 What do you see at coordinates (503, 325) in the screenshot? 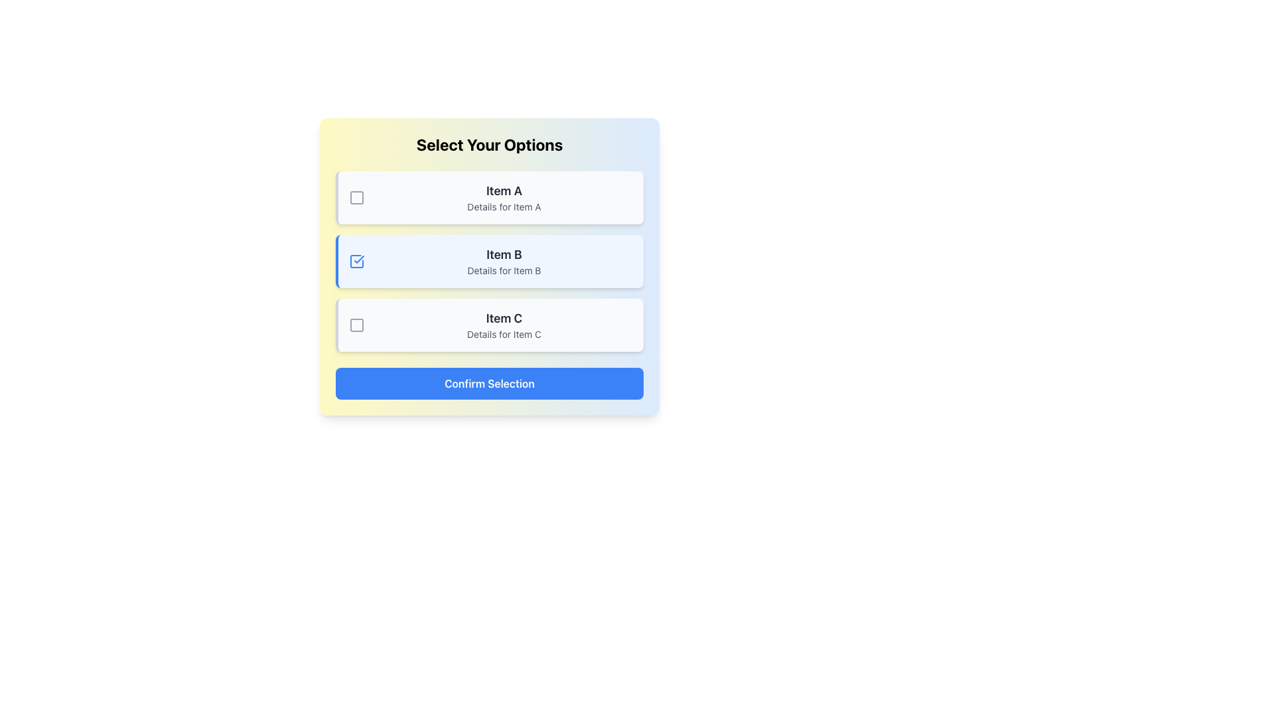
I see `the card displaying 'Item C' which is styled with a light gray background, rounded corners, and contains bold text 'Item C' followed by 'Details for Item C' in smaller gray text` at bounding box center [503, 325].